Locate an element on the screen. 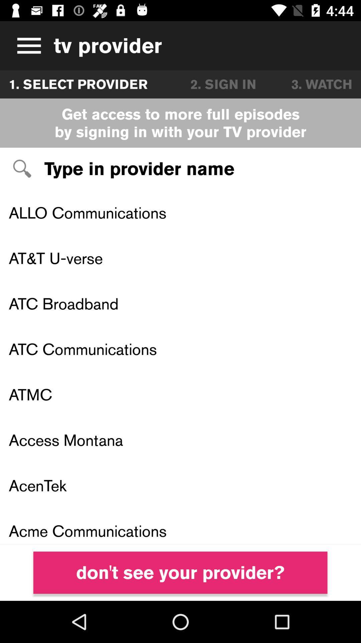 This screenshot has width=361, height=643. acme communications icon is located at coordinates (180, 526).